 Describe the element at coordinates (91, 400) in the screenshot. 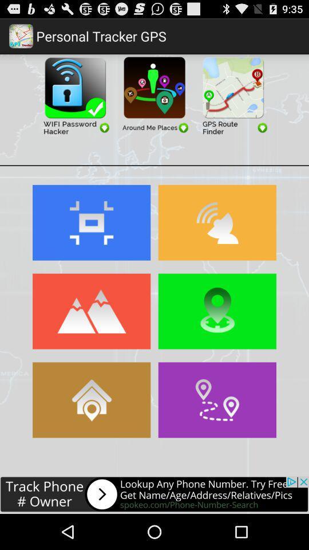

I see `search home` at that location.